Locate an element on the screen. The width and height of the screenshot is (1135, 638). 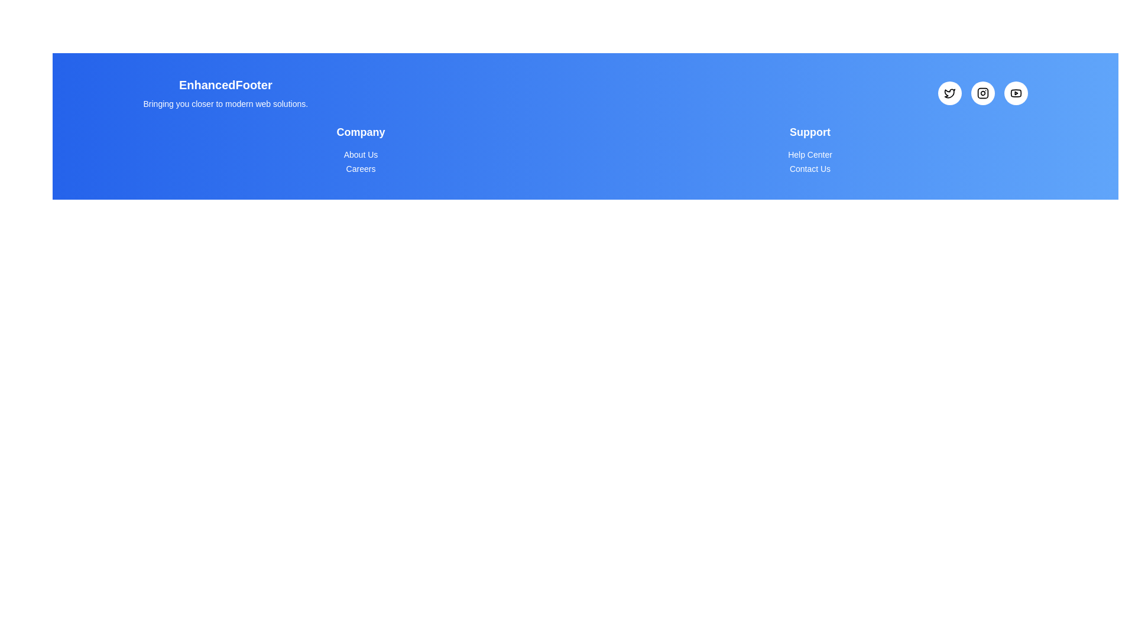
the first hyperlink in the 'Company' section of the footer is located at coordinates (360, 154).